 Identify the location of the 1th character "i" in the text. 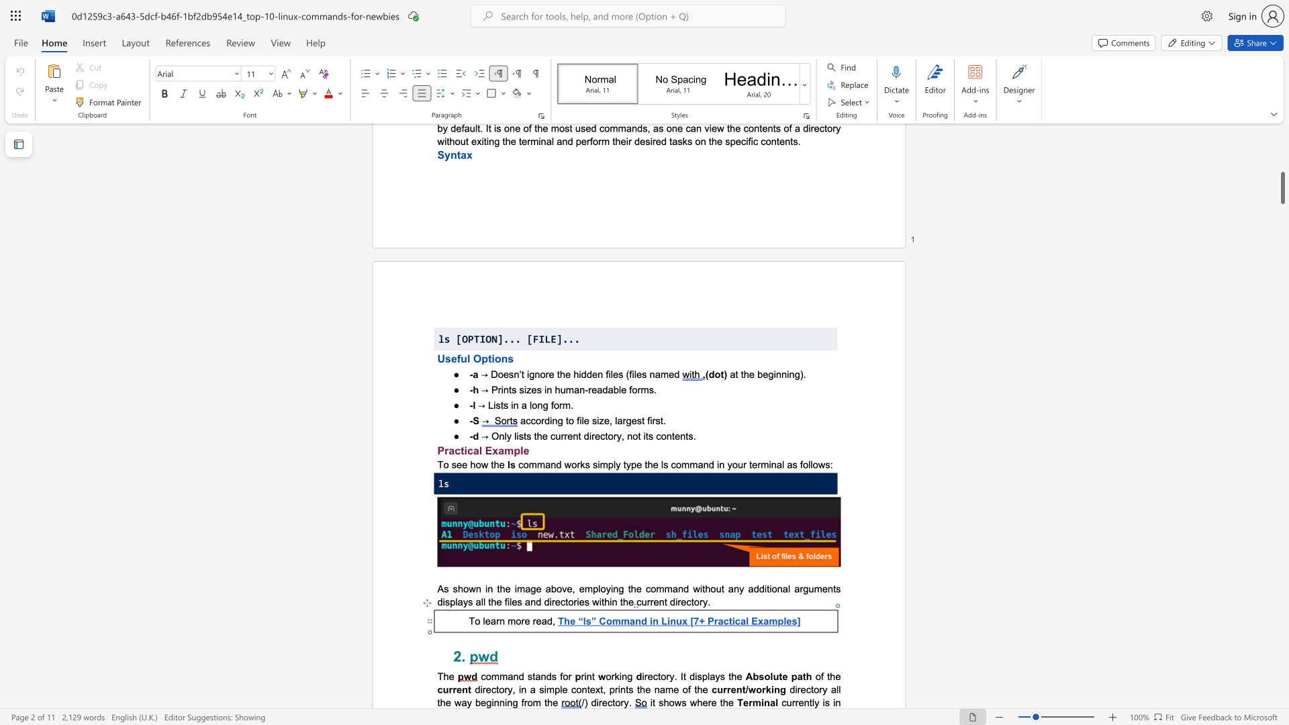
(597, 702).